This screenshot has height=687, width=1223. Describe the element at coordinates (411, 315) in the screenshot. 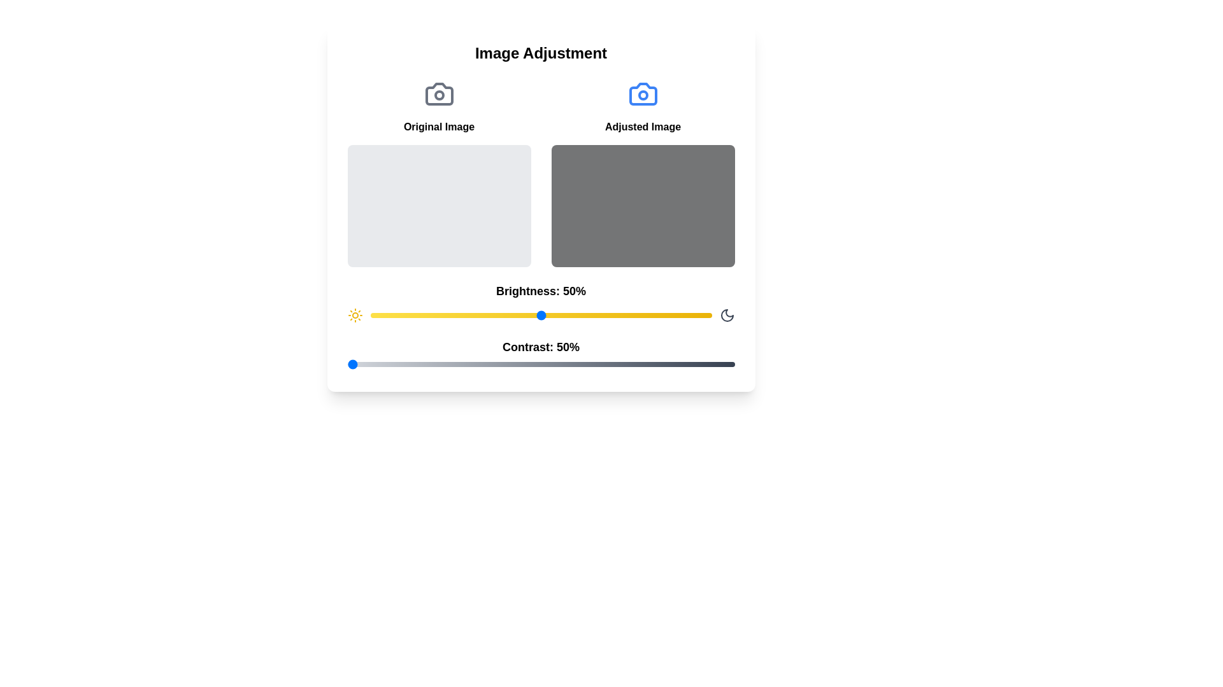

I see `the slider value` at that location.